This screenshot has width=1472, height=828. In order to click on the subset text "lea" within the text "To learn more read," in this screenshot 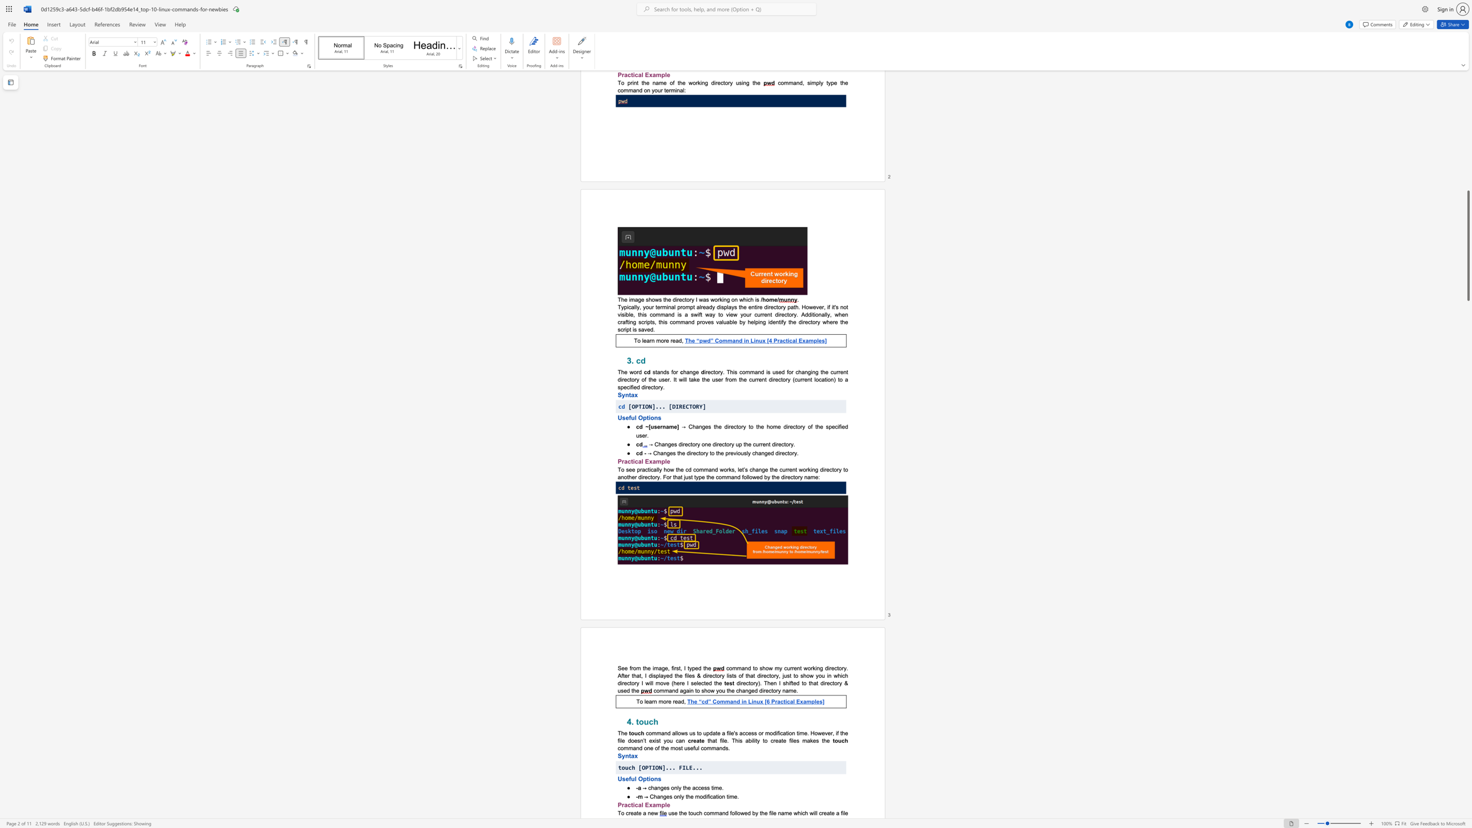, I will do `click(644, 701)`.